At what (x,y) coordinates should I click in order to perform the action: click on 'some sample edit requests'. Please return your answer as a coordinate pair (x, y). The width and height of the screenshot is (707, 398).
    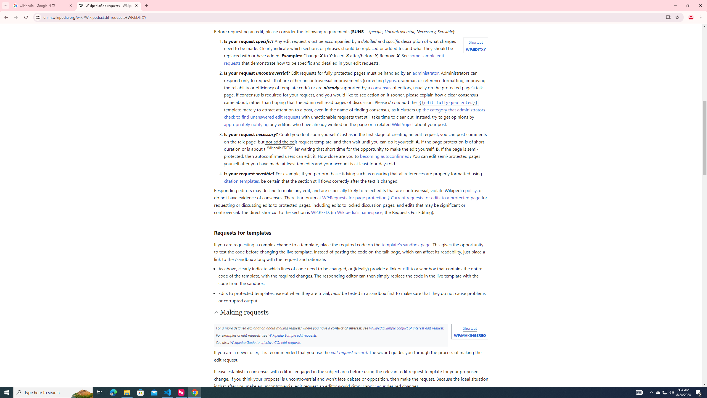
    Looking at the image, I should click on (334, 59).